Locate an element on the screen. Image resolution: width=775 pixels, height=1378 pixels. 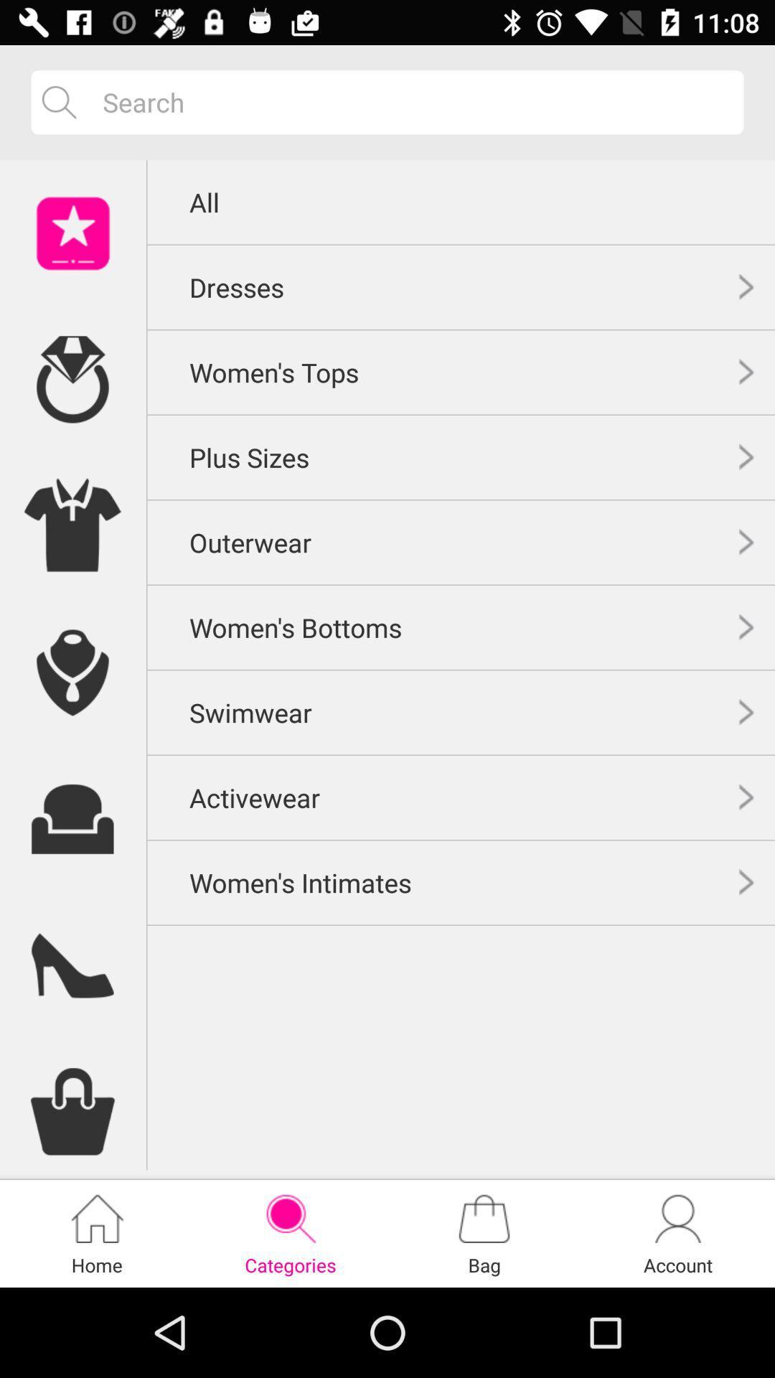
search is located at coordinates (412, 101).